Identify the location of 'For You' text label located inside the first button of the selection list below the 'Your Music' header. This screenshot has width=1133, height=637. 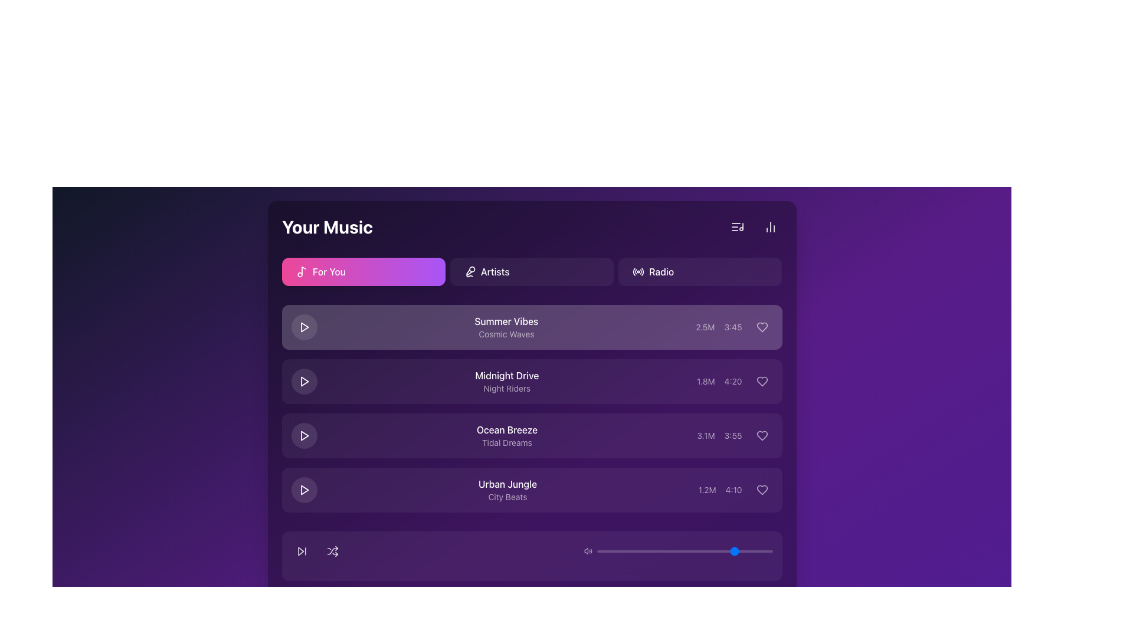
(329, 272).